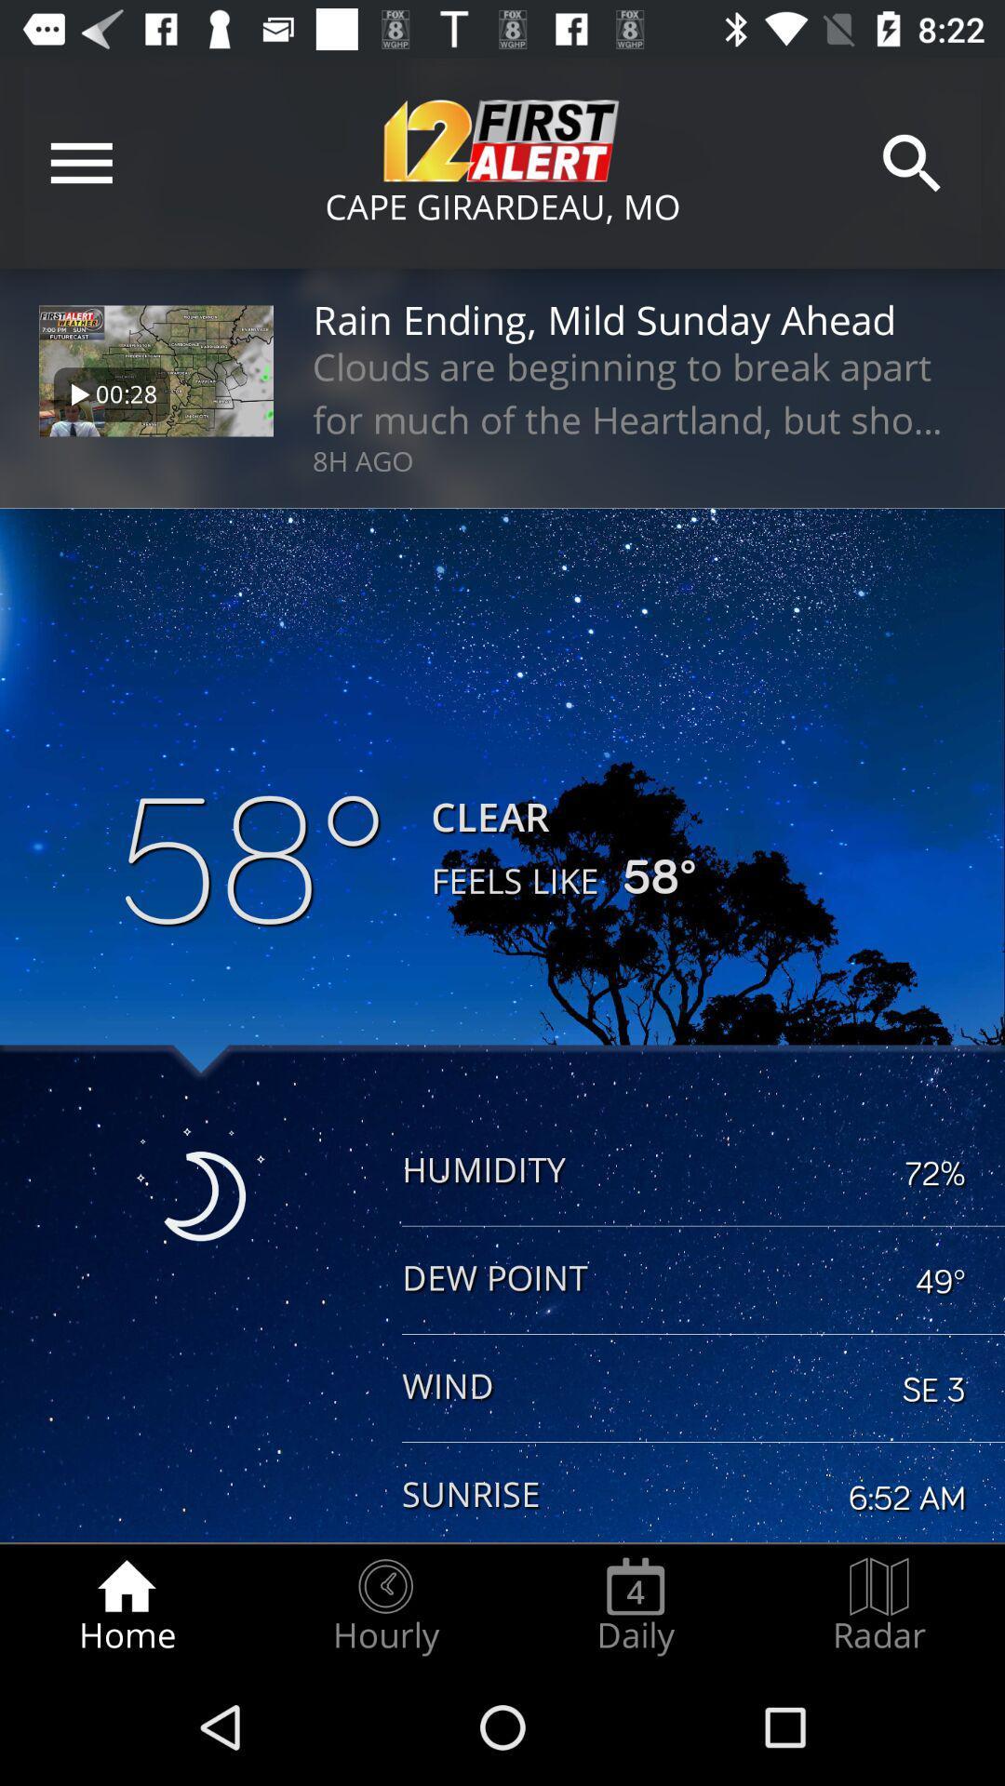  Describe the element at coordinates (384, 1606) in the screenshot. I see `item next to daily item` at that location.